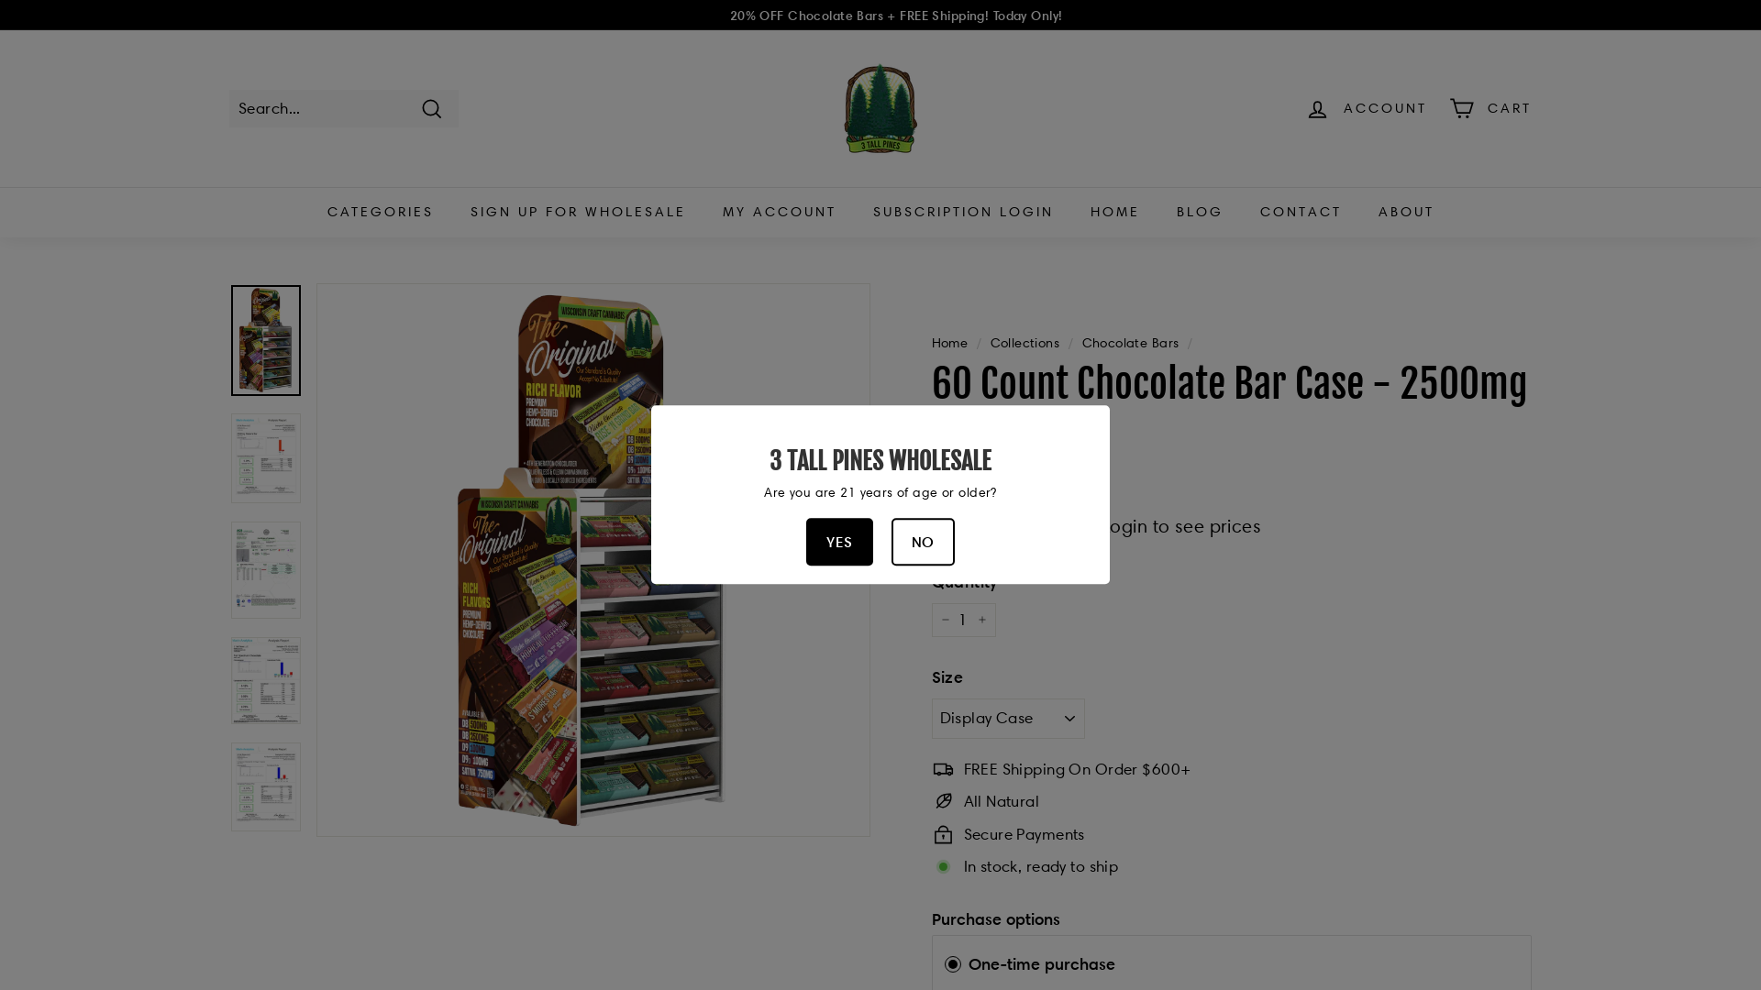 The width and height of the screenshot is (1761, 990). What do you see at coordinates (1300, 211) in the screenshot?
I see `'CONTACT'` at bounding box center [1300, 211].